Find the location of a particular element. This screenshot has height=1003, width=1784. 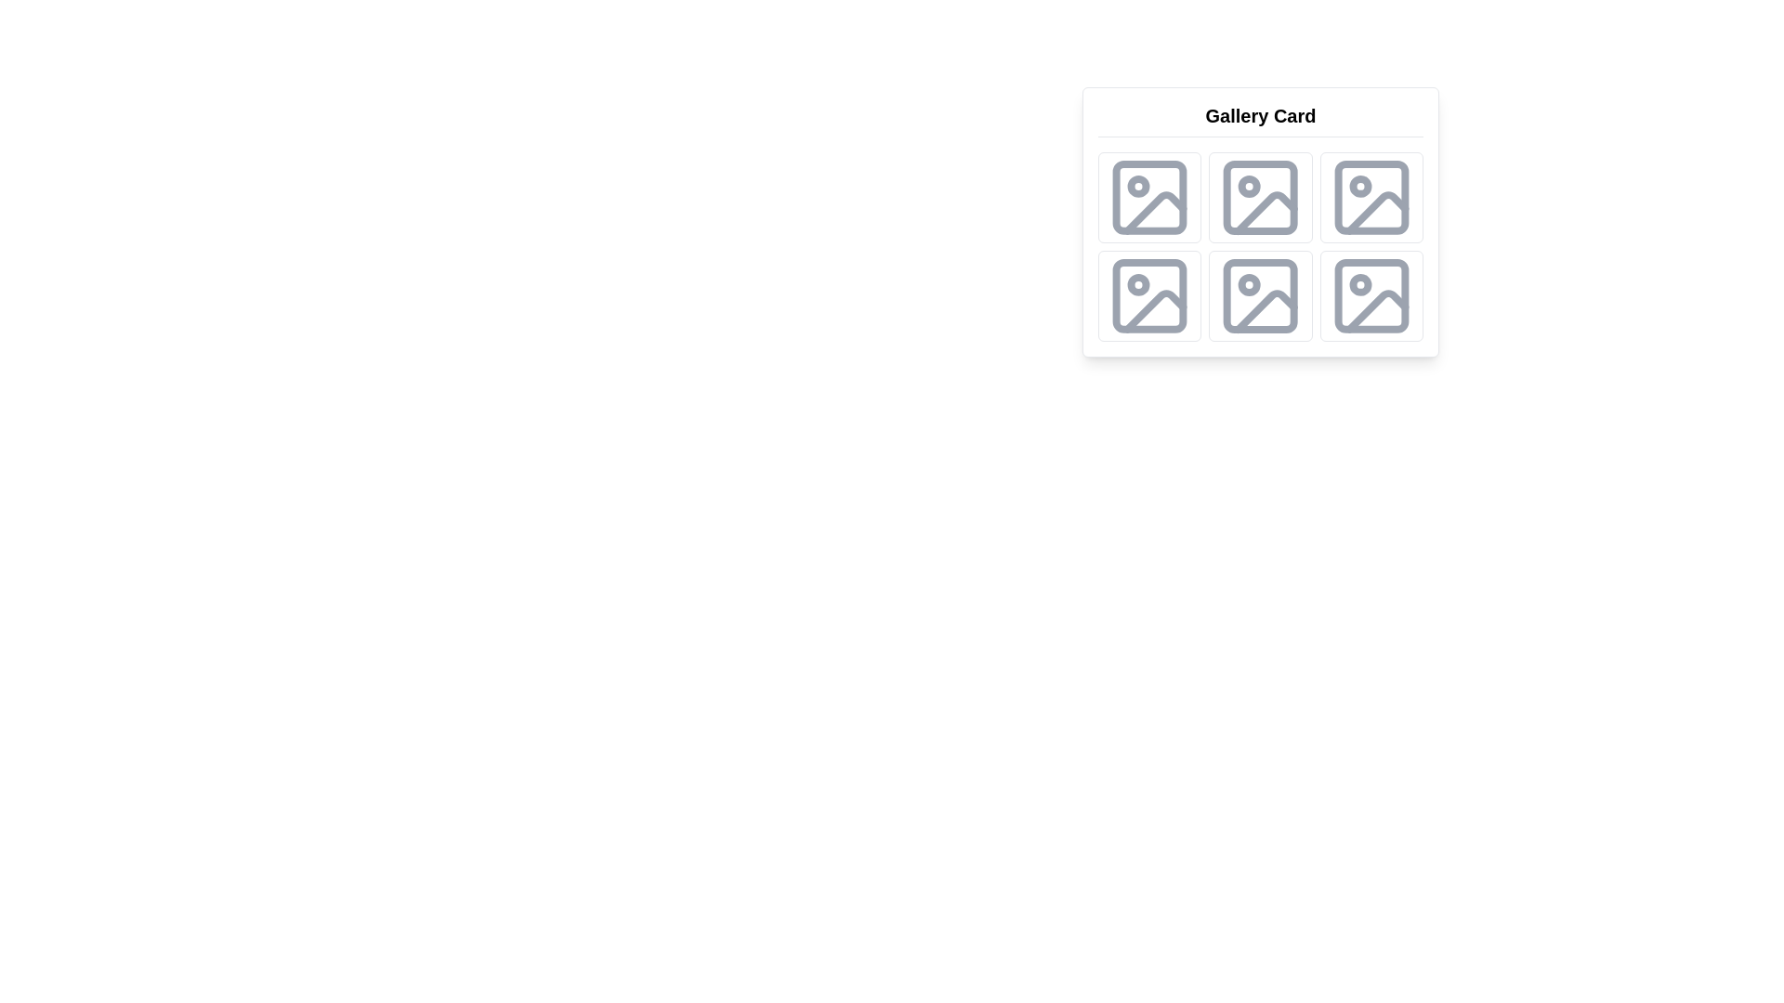

the icon resembling a stylized picture with a round dot and diagonal line located in the third row, first column of the Gallery Card section is located at coordinates (1261, 295).